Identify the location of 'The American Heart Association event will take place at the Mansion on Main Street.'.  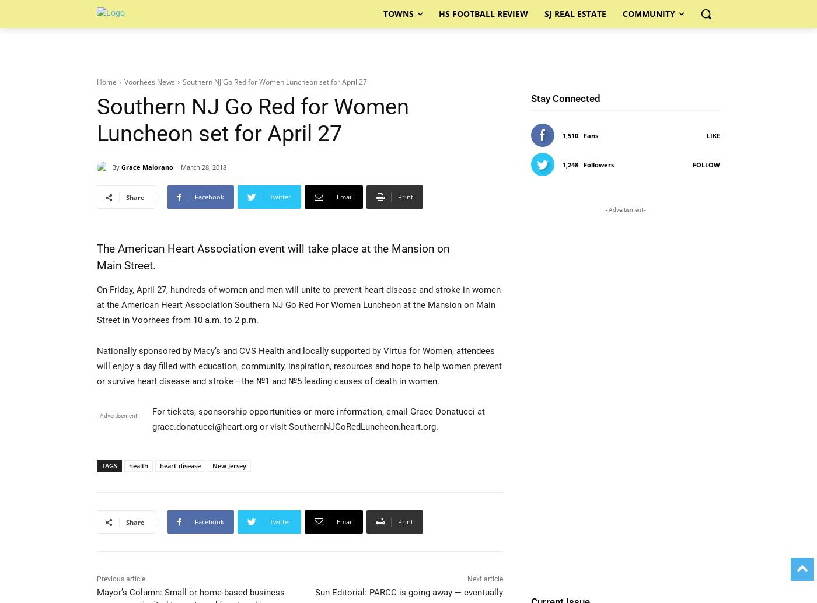
(273, 257).